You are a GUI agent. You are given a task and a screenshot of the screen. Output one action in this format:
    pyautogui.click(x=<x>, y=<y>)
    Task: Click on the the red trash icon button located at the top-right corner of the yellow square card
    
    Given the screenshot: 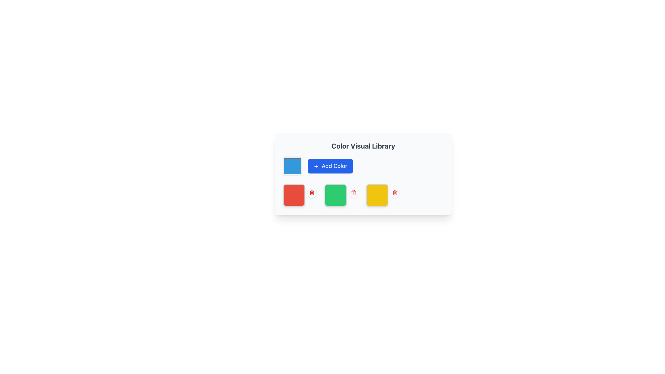 What is the action you would take?
    pyautogui.click(x=395, y=192)
    